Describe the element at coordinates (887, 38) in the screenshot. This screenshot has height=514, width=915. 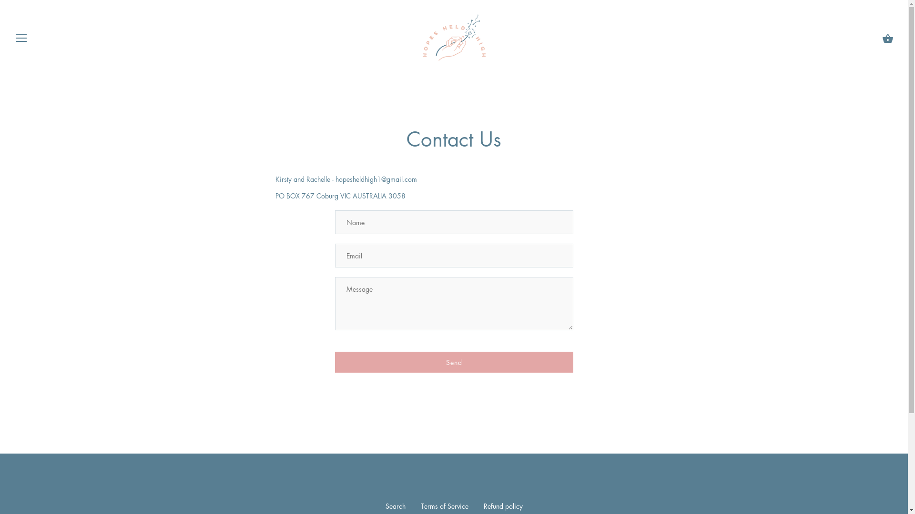
I see `'Cart'` at that location.